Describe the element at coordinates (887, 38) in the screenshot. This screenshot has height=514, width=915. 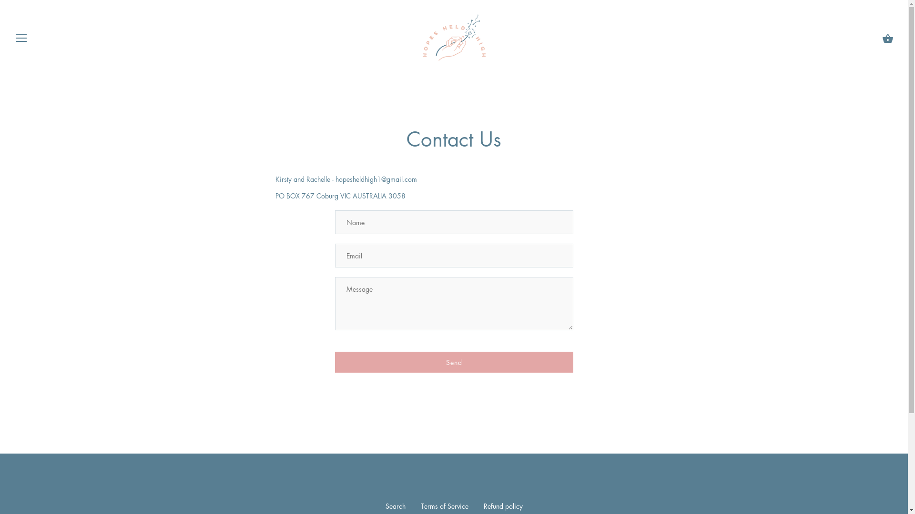
I see `'Cart'` at that location.